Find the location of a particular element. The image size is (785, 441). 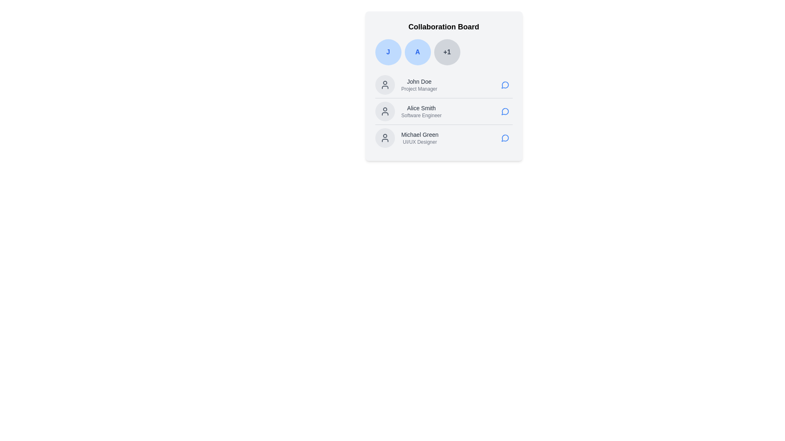

the text label displaying the name 'John Doe', which identifies the user within the team management interface, located above the subtitle 'Project Manager' is located at coordinates (419, 82).